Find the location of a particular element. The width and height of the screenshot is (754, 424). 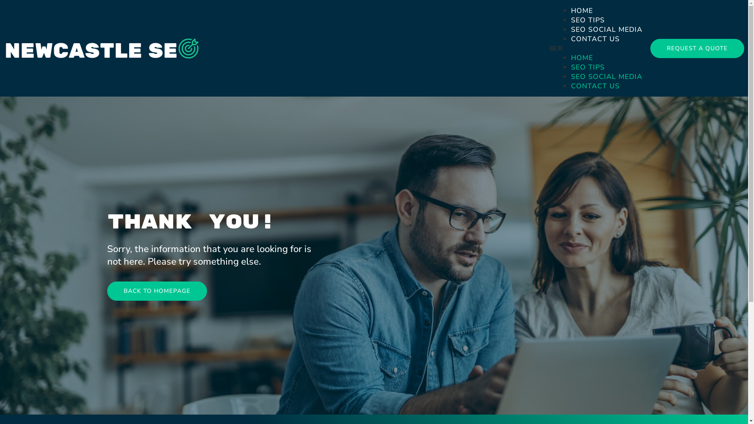

'CONTACT US' is located at coordinates (571, 39).